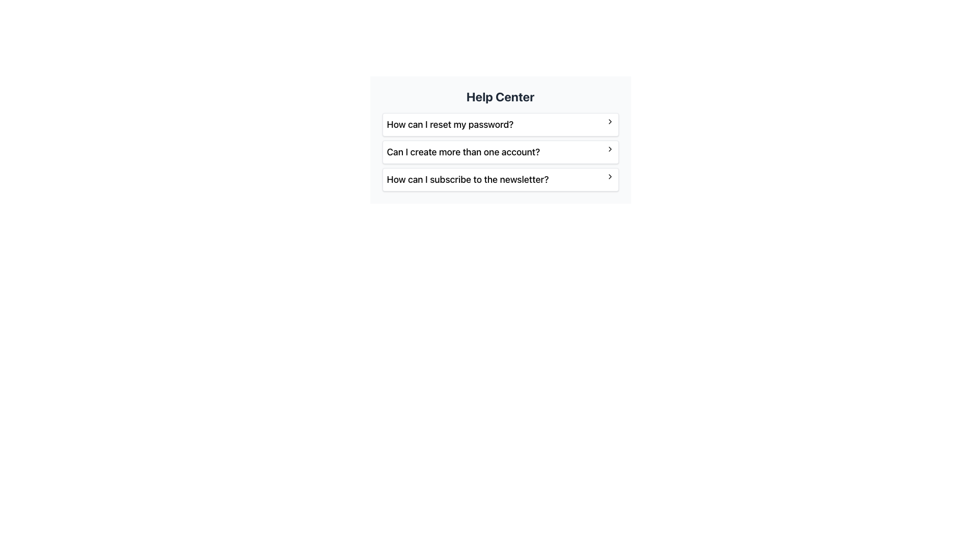  Describe the element at coordinates (500, 179) in the screenshot. I see `the third FAQ entry in the help module` at that location.